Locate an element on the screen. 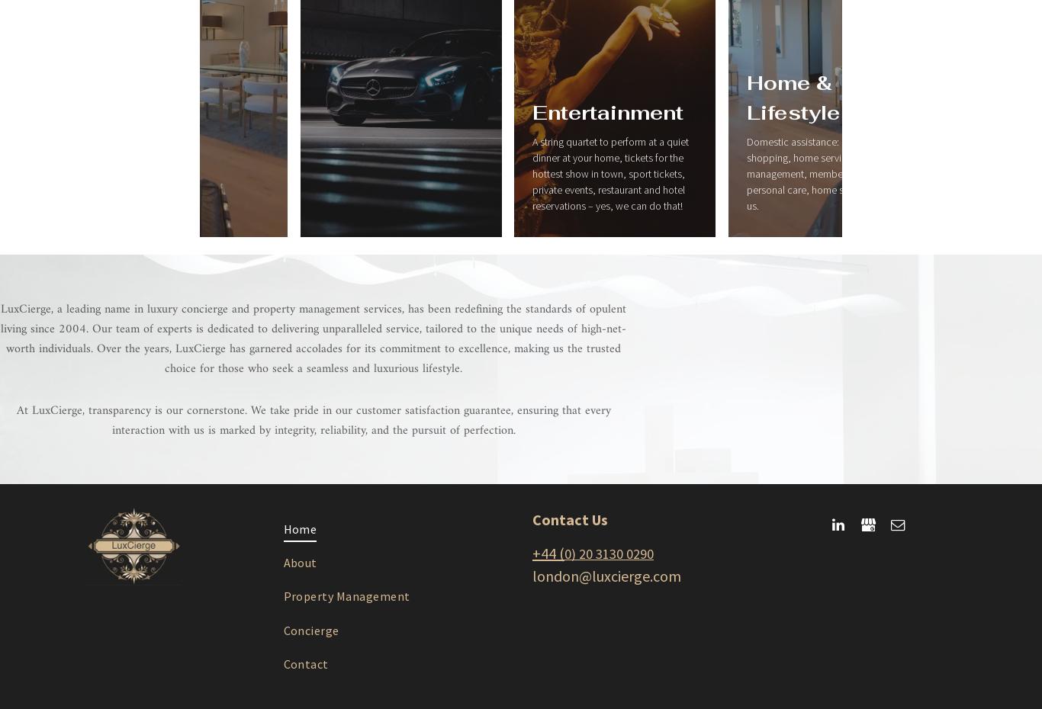 The height and width of the screenshot is (709, 1042). 'Concierge' is located at coordinates (310, 629).